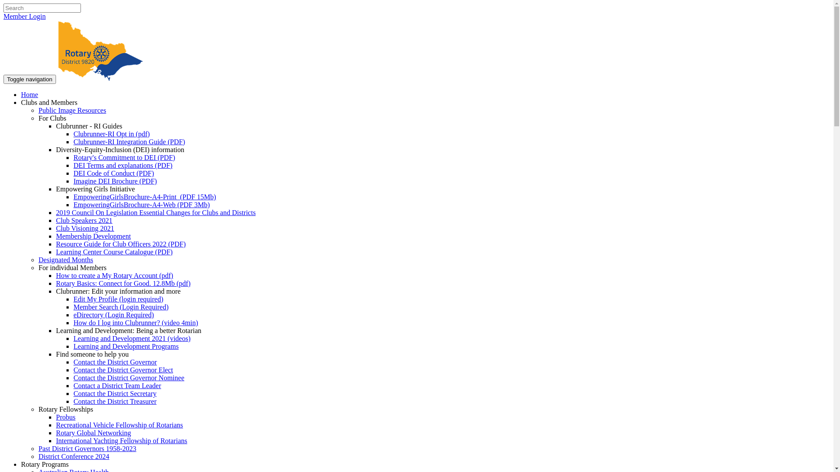  I want to click on 'DEI Terms and explanations (PDF)', so click(122, 165).